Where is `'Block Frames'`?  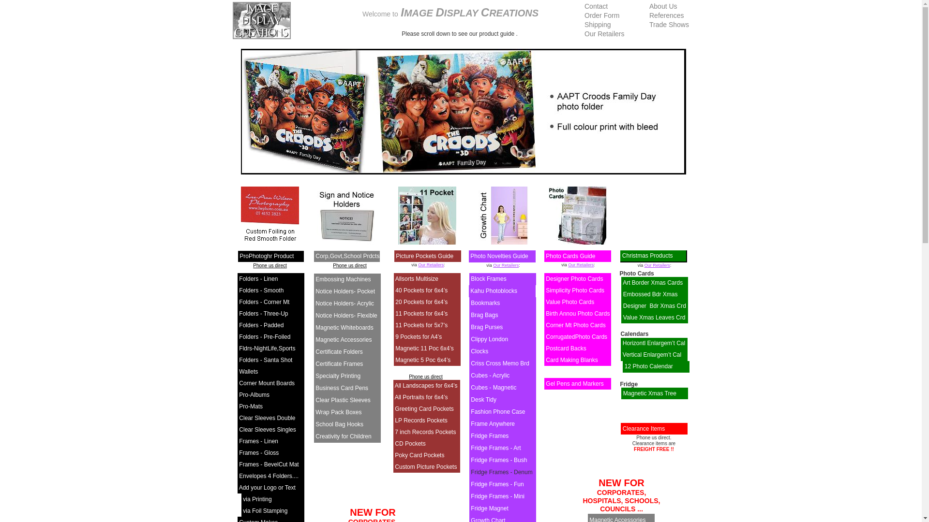 'Block Frames' is located at coordinates (488, 279).